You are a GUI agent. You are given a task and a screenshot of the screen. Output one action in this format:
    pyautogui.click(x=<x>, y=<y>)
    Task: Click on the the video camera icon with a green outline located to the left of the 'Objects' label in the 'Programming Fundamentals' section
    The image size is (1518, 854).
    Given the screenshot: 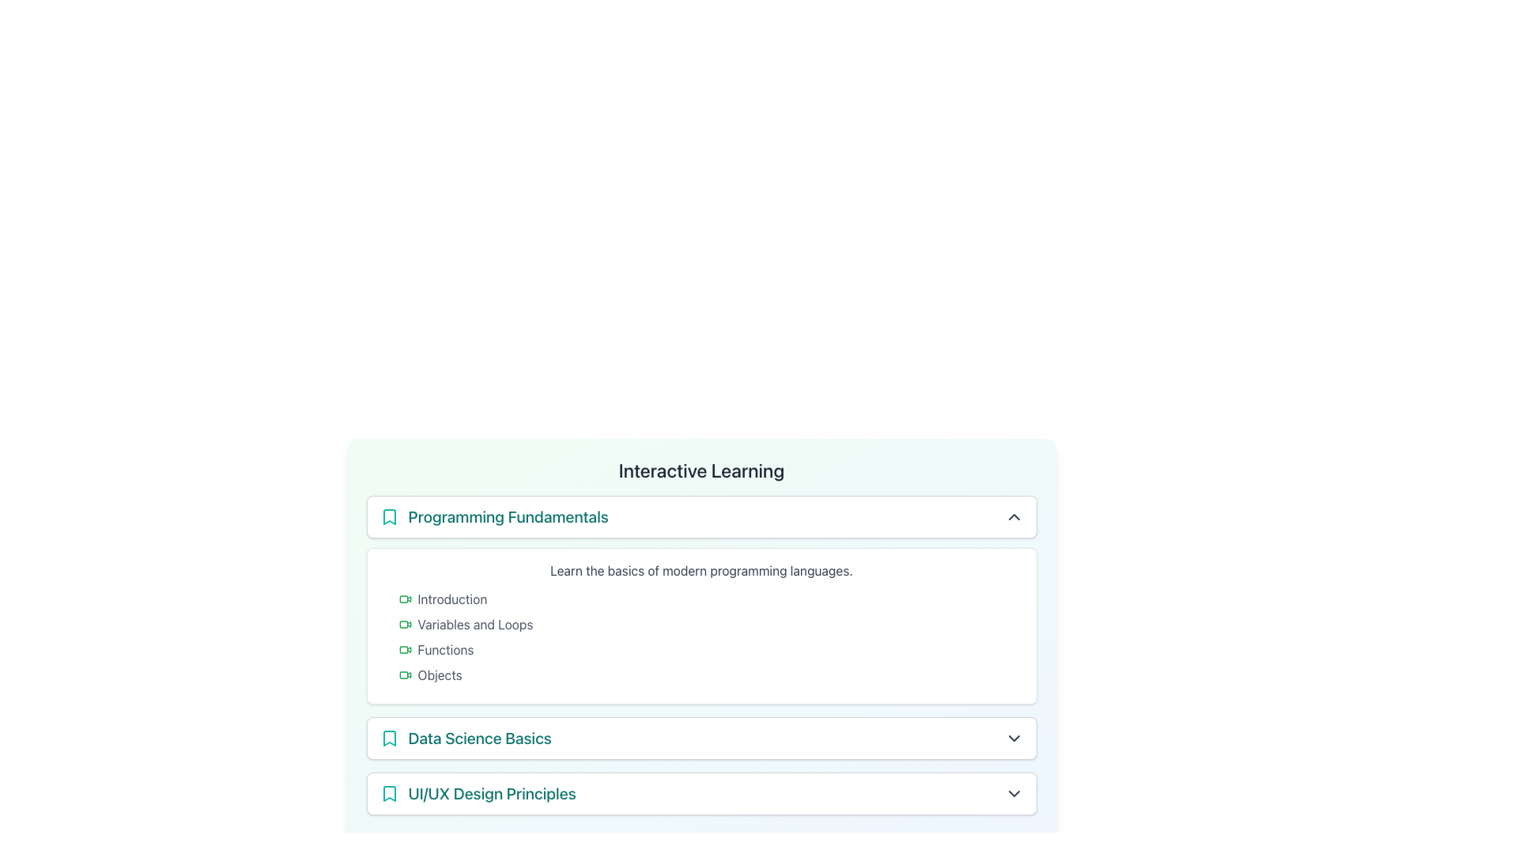 What is the action you would take?
    pyautogui.click(x=405, y=675)
    